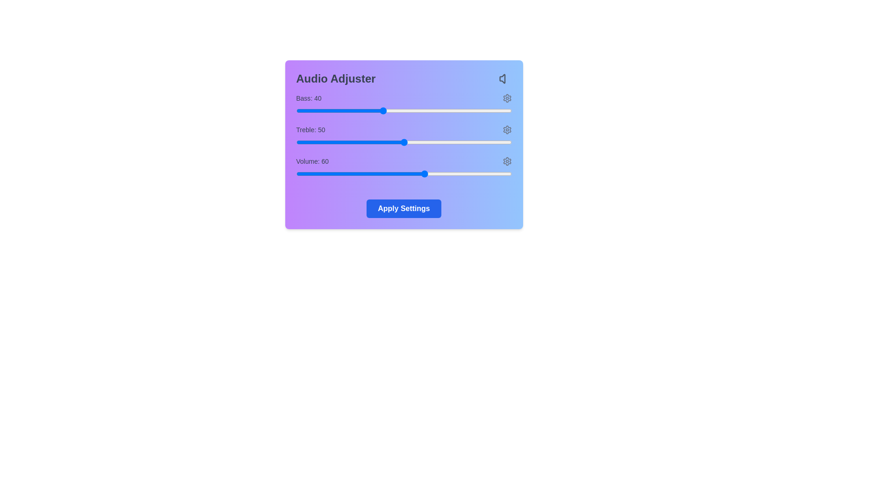  I want to click on the treble level, so click(419, 142).